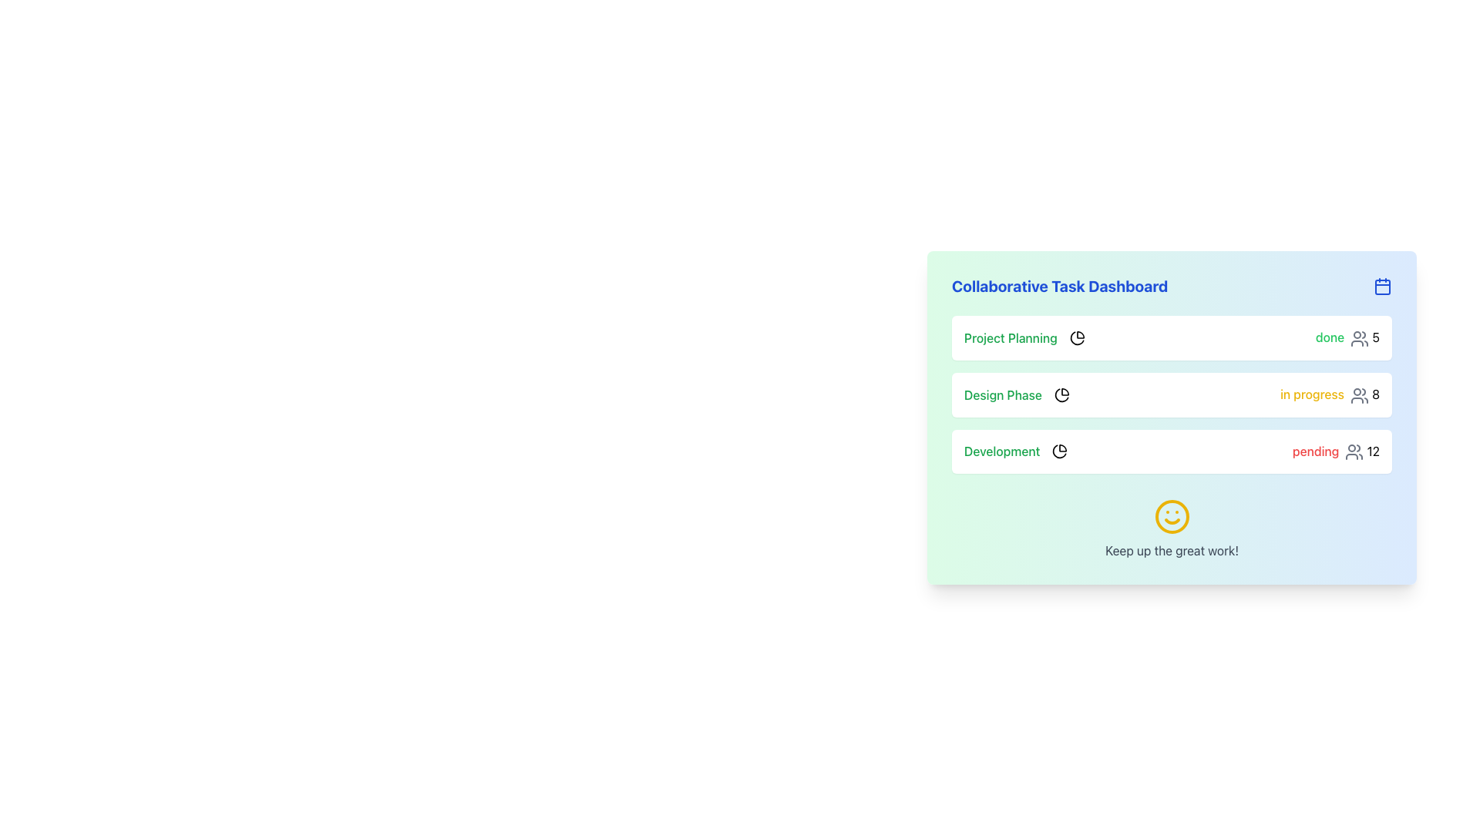 The width and height of the screenshot is (1480, 832). Describe the element at coordinates (1016, 451) in the screenshot. I see `the icon associated with the 'Development' label in the top-left of the card under 'Collaborative Task Dashboard' for additional actions or navigation` at that location.